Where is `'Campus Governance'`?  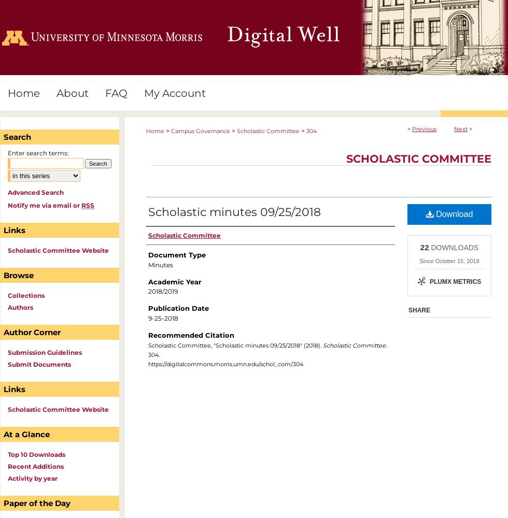
'Campus Governance' is located at coordinates (171, 131).